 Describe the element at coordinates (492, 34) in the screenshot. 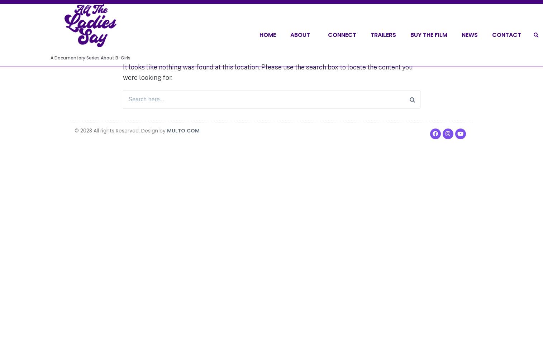

I see `'Contact'` at that location.